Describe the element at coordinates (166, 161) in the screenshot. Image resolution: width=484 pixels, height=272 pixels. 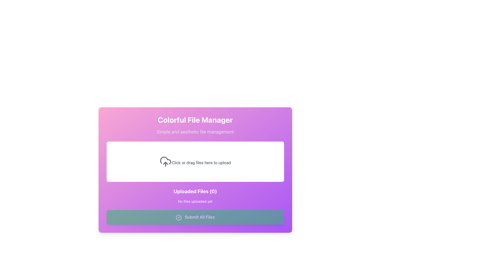
I see `the cloud-shaped upload icon with an upward arrow, which is located slightly to the left of the text 'Click or drag files here to upload'` at that location.